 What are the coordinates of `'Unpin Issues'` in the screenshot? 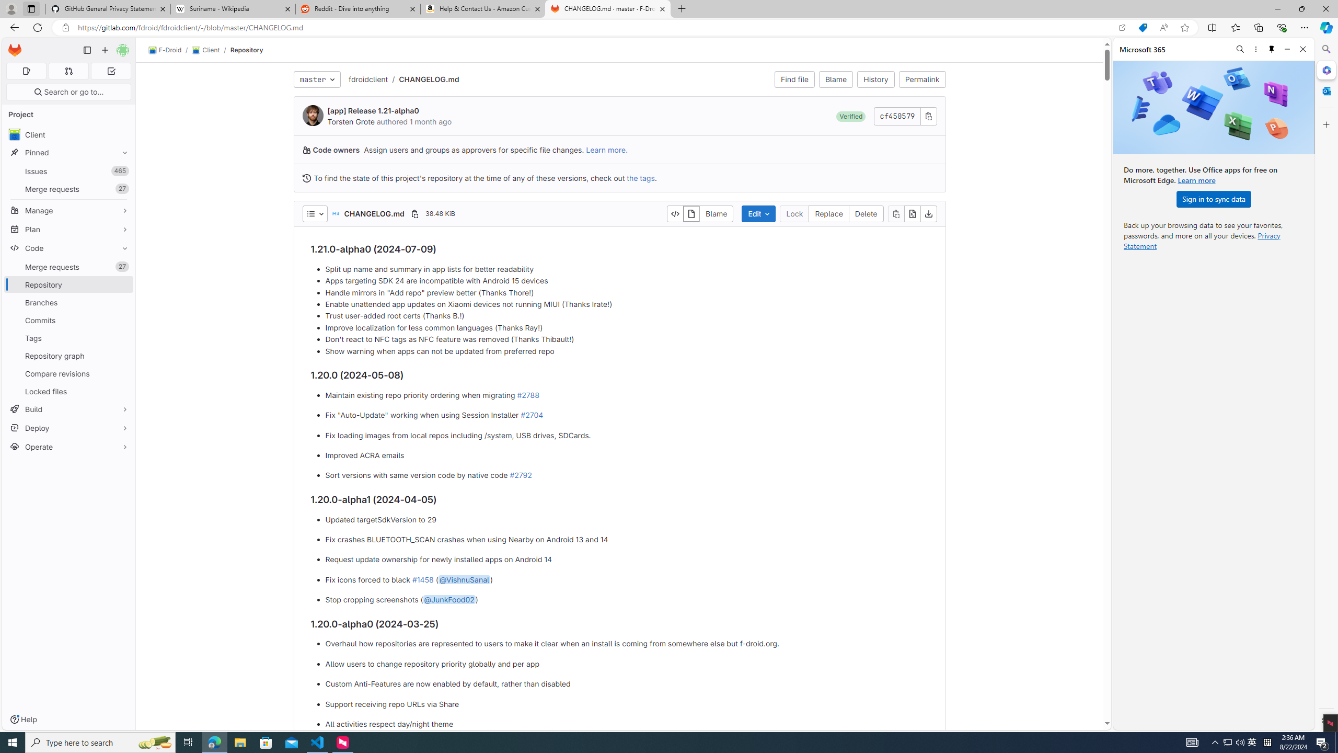 It's located at (122, 170).